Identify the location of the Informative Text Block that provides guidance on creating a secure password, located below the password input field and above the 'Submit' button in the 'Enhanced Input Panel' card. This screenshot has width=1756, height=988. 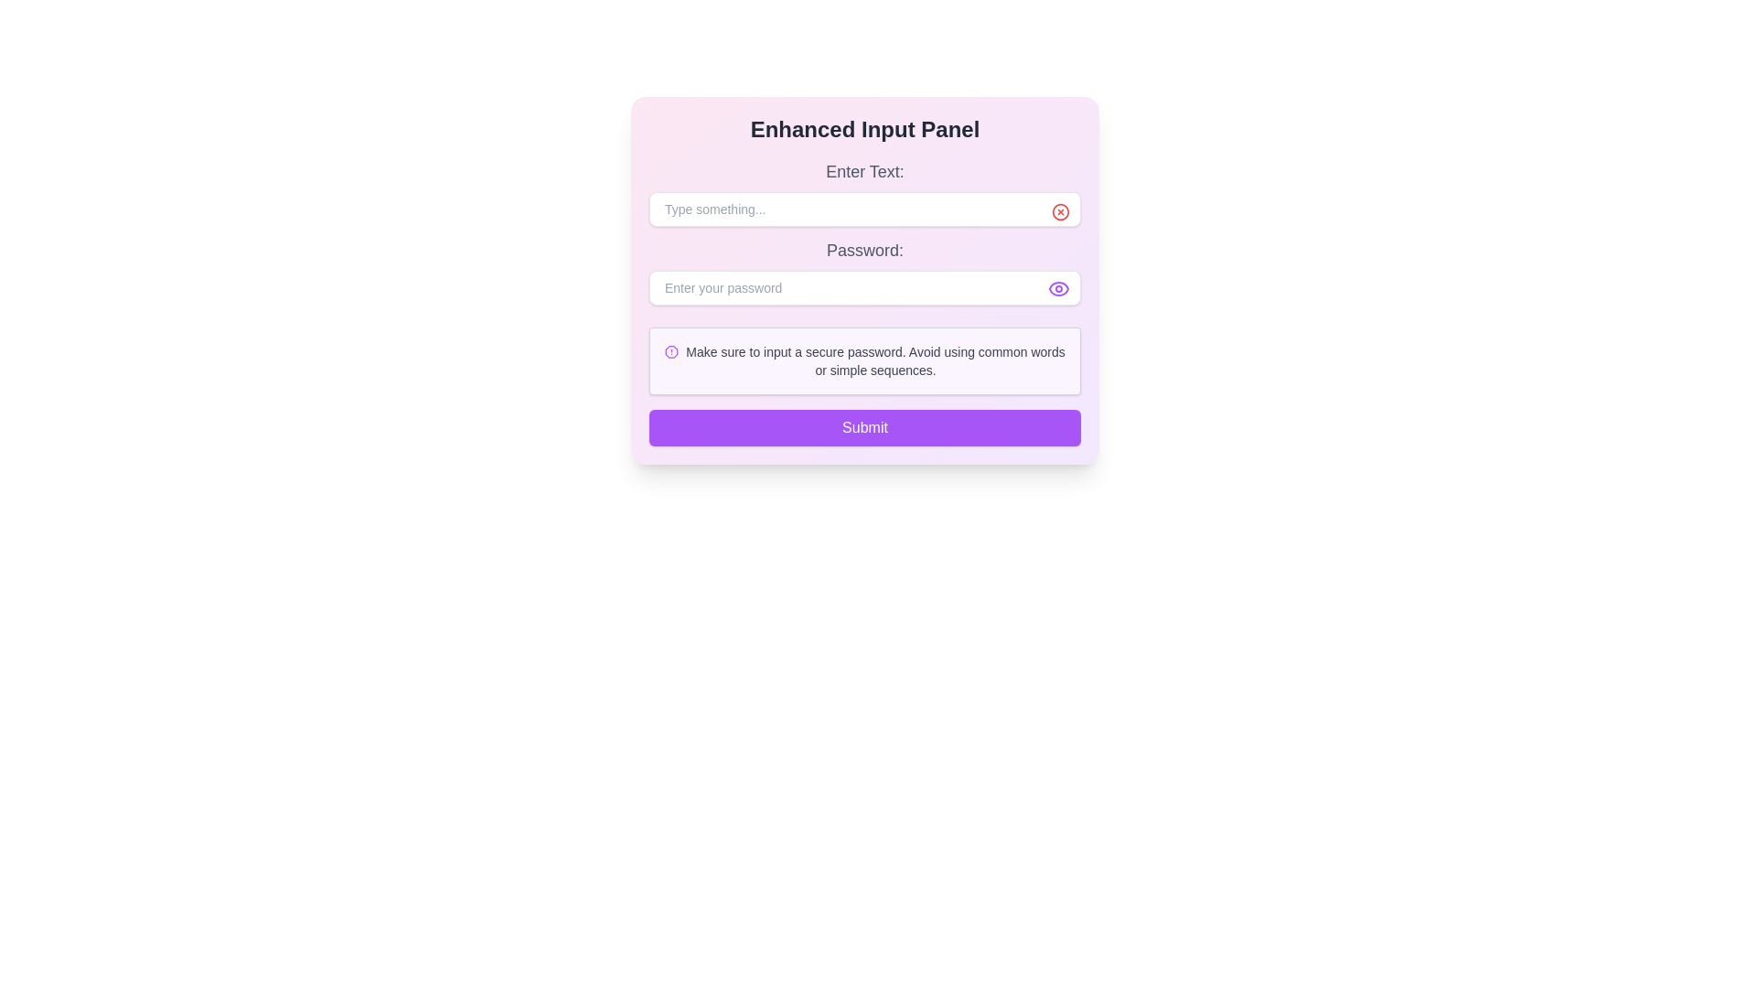
(863, 360).